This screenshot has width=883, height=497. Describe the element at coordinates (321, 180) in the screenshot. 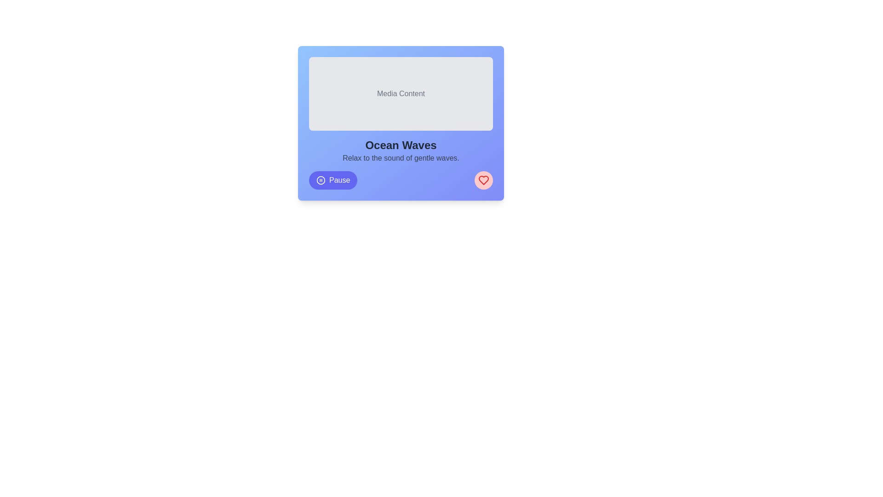

I see `the circular pause icon located within the button labeled 'Pause' on the bottom-left portion of the blue-colored card interface` at that location.